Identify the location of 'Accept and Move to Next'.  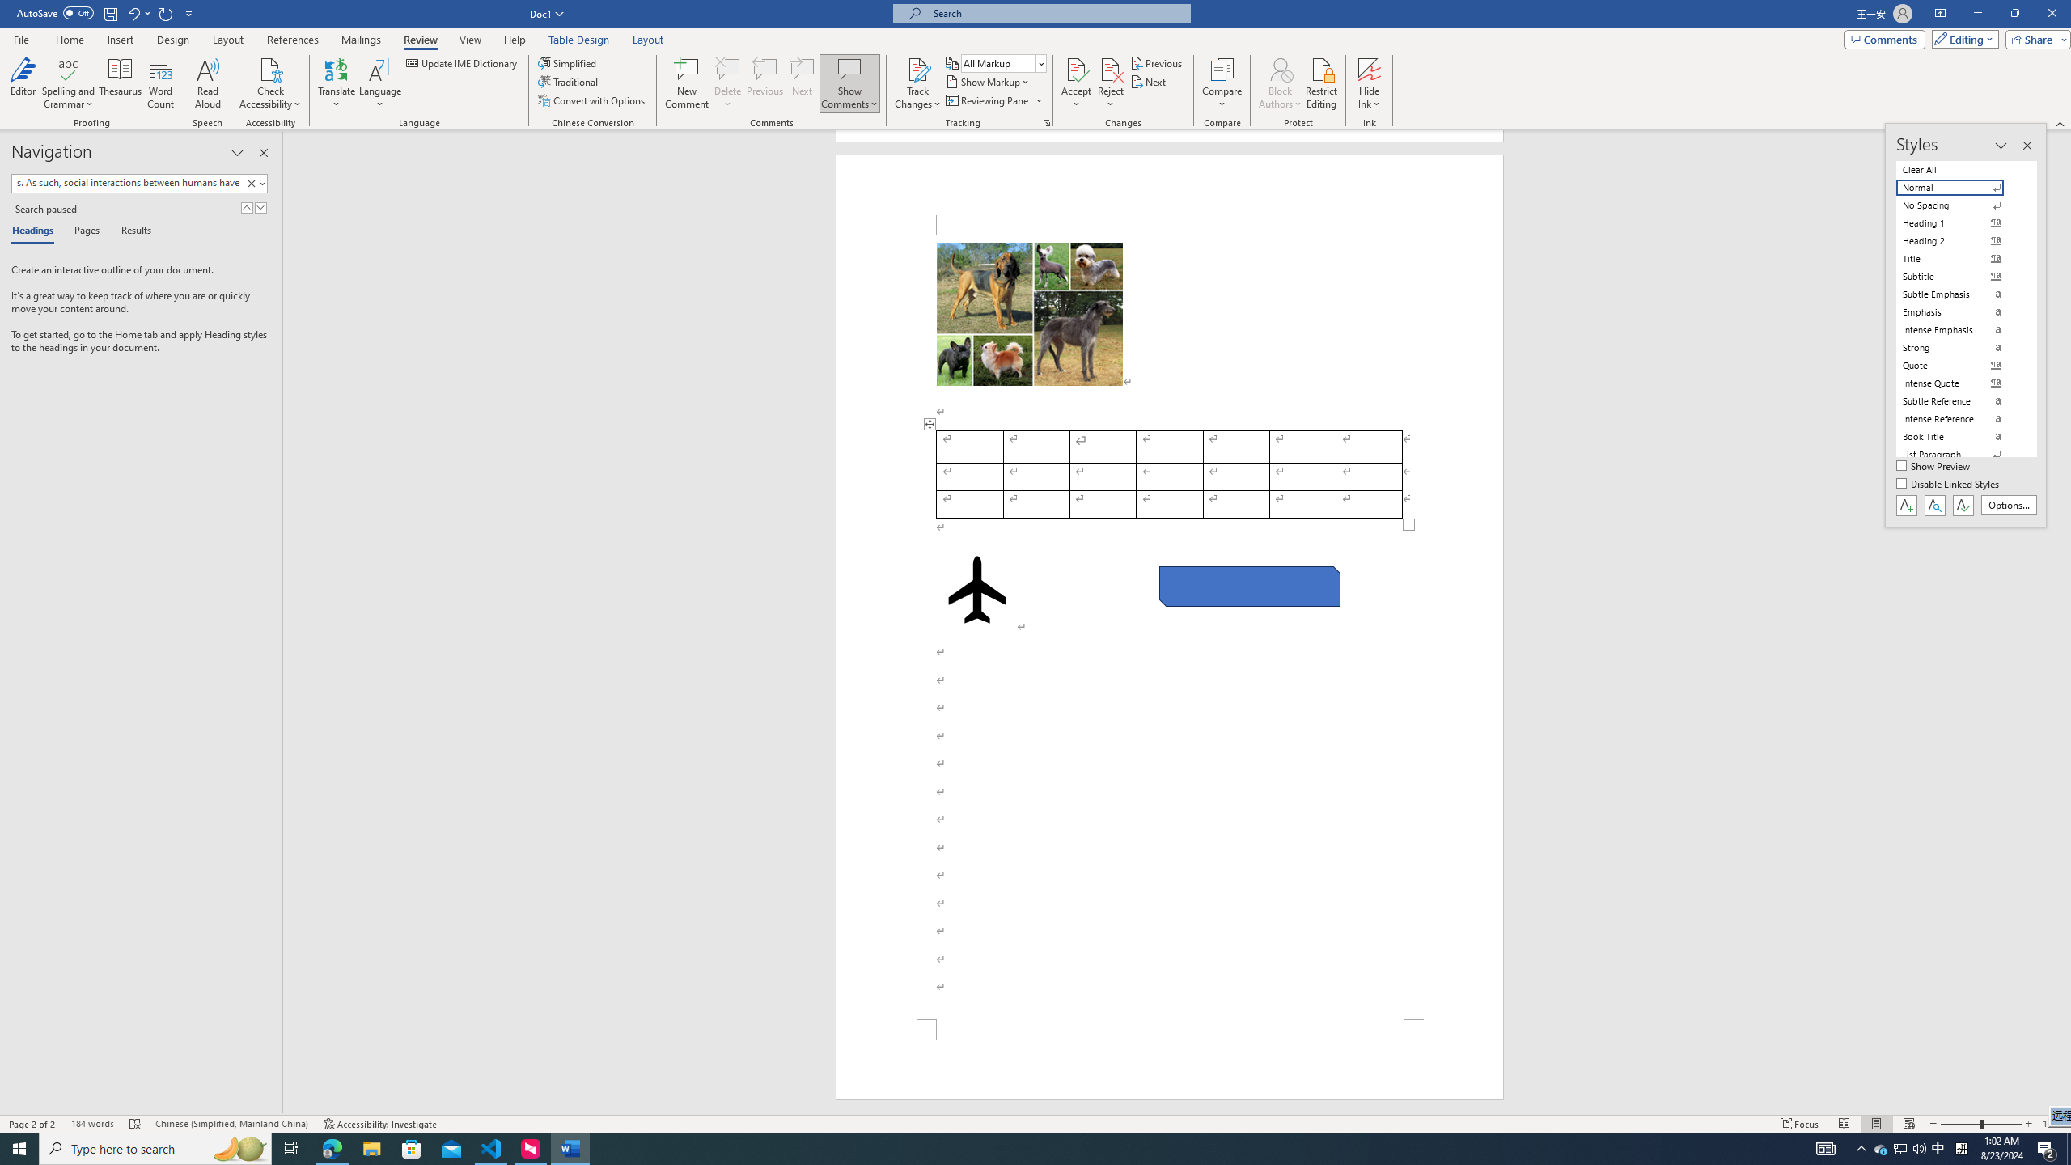
(1076, 68).